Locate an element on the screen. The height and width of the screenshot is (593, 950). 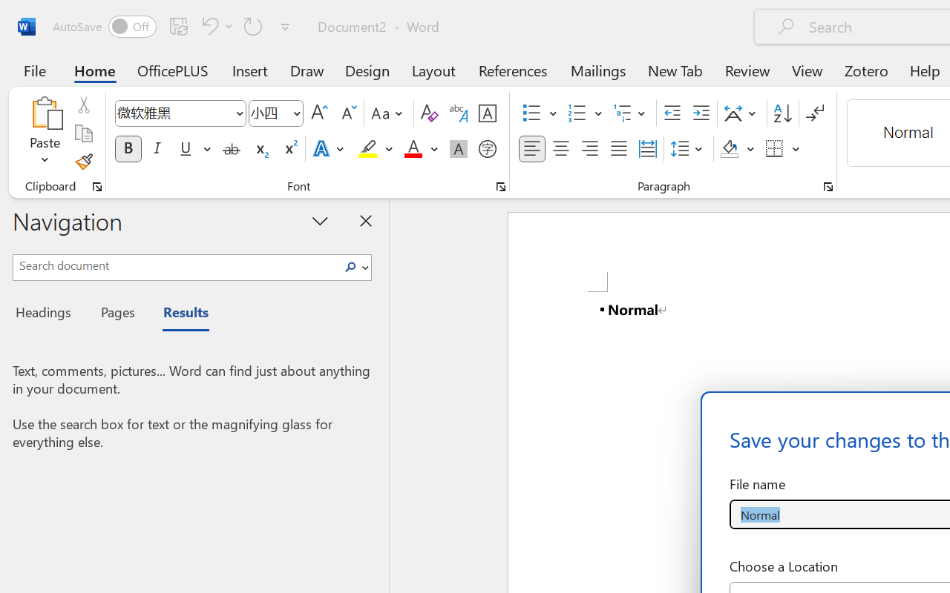
'Headings' is located at coordinates (48, 314).